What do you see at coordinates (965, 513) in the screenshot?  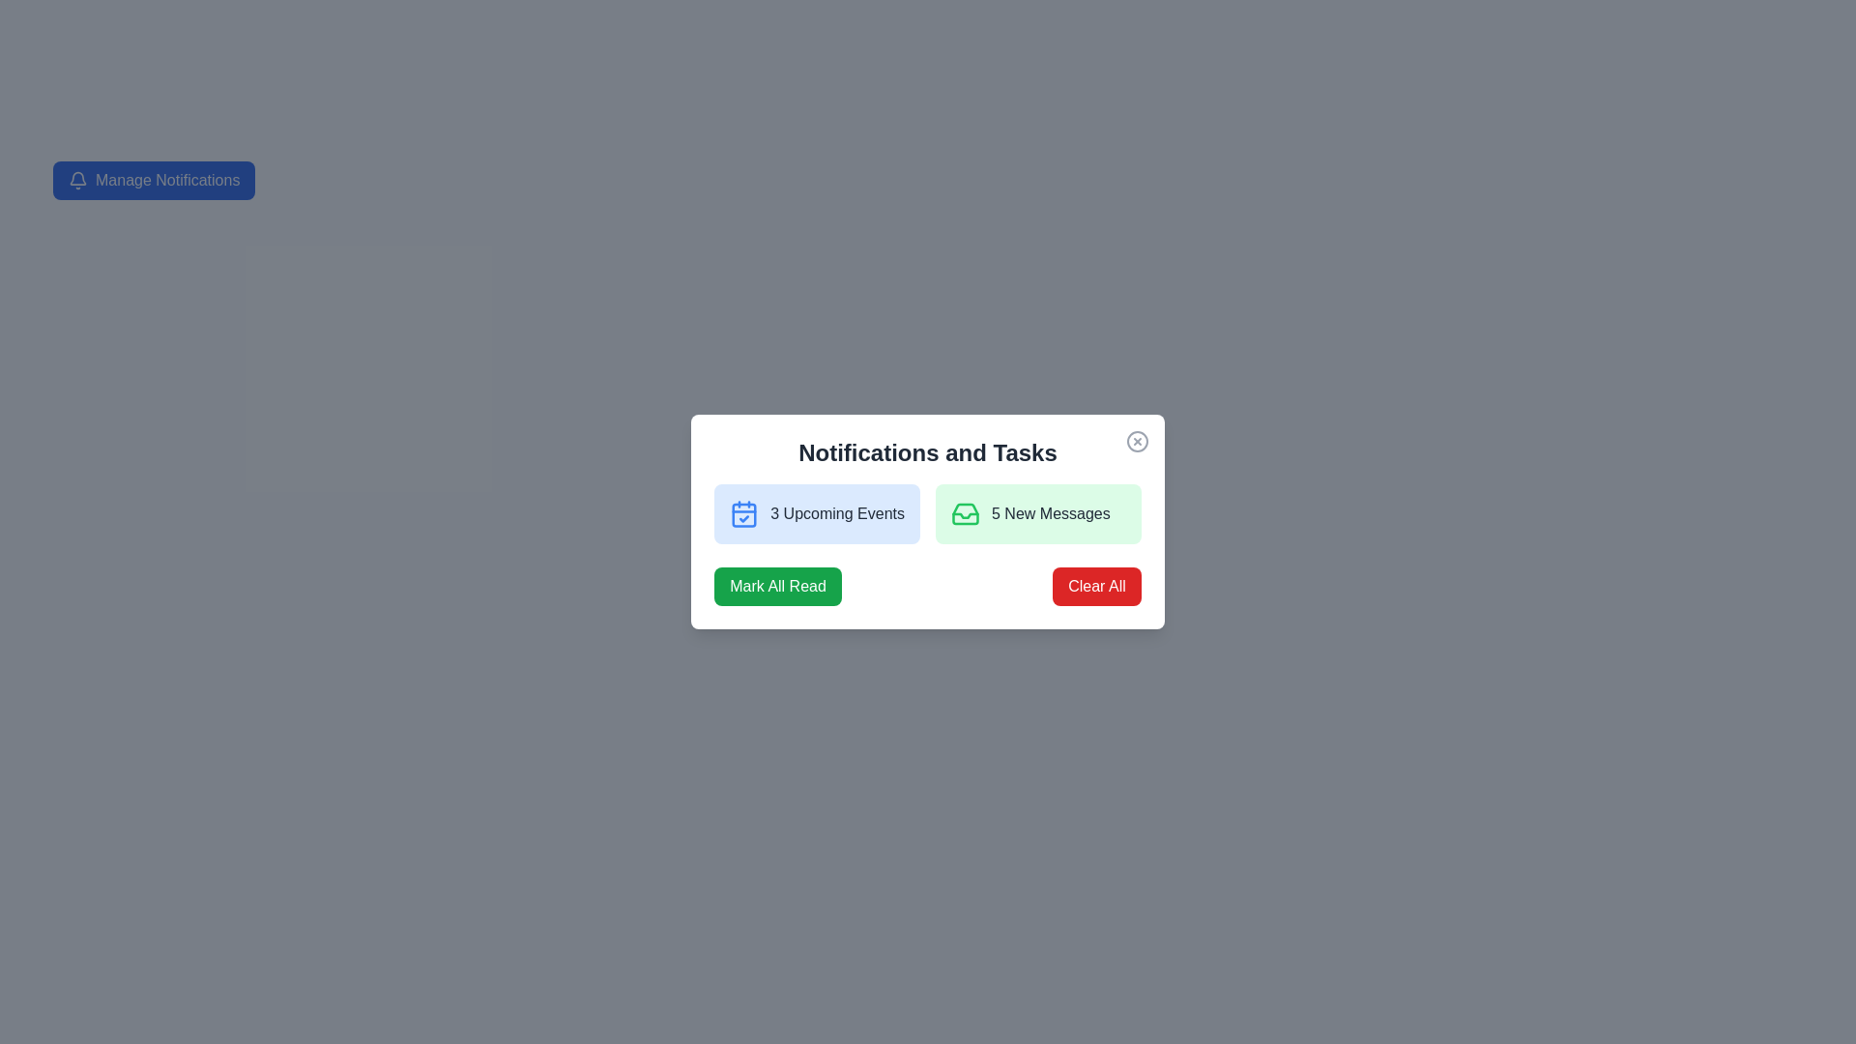 I see `the green rectangular button labeled '5 New Messages' that contains a zigzag or arrow-like SVG shape located at its bottom center` at bounding box center [965, 513].